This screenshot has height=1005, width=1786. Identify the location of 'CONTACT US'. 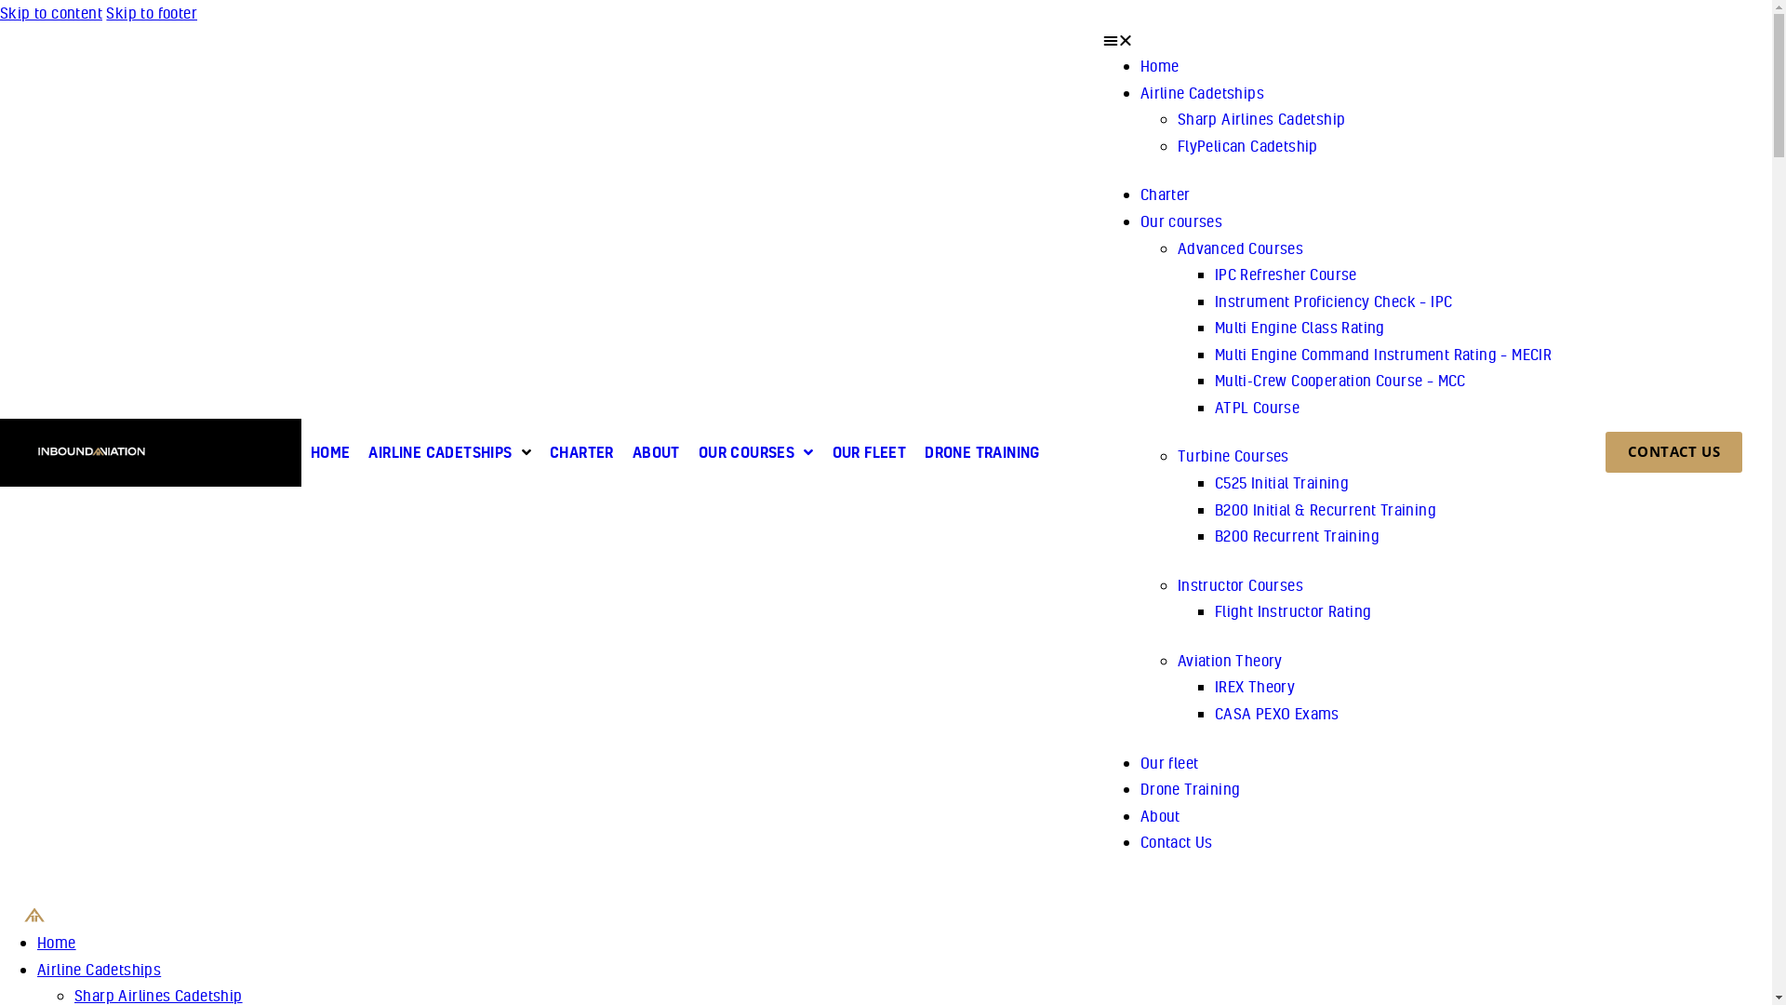
(1673, 452).